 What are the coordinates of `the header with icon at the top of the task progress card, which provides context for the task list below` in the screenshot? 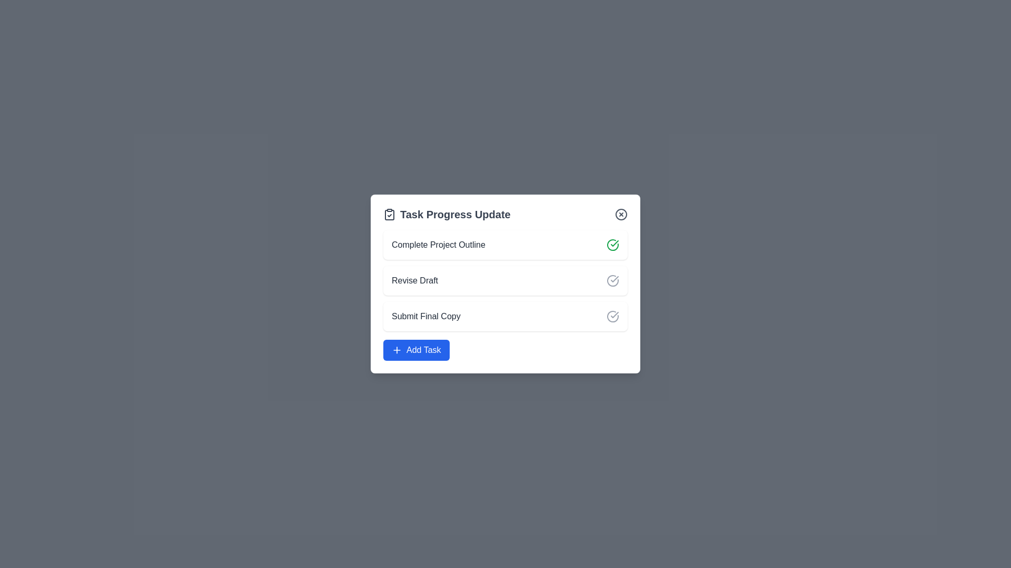 It's located at (506, 214).